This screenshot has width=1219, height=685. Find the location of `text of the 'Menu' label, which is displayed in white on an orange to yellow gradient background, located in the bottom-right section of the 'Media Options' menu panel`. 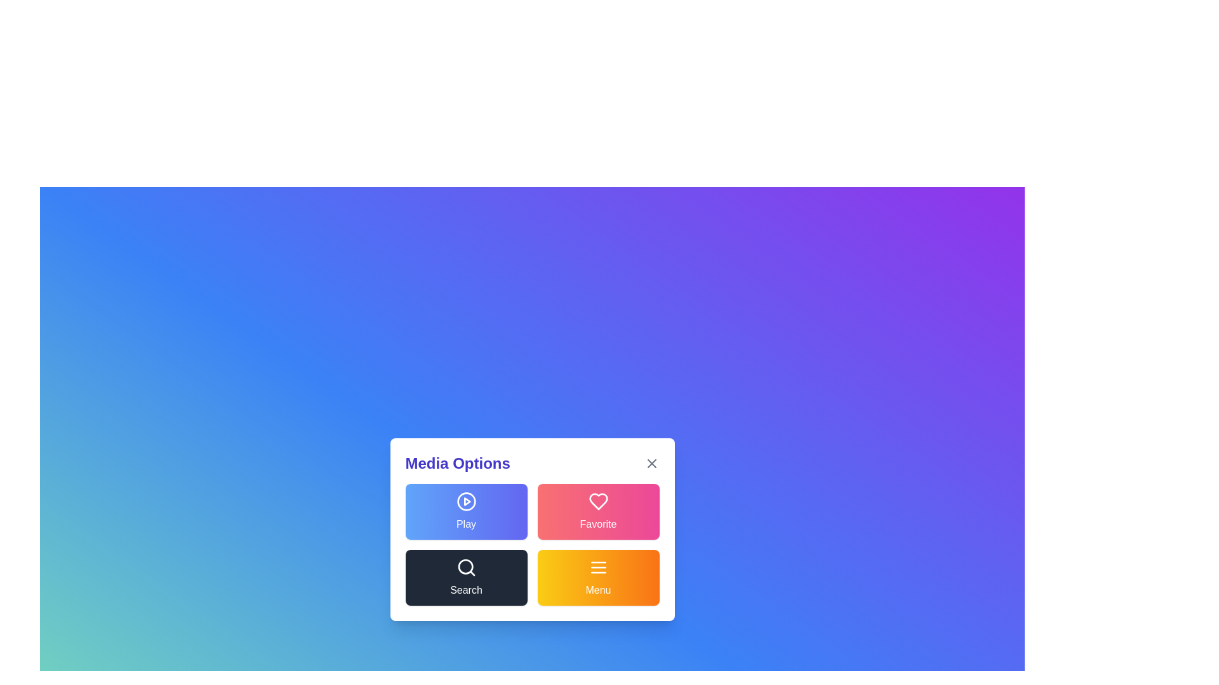

text of the 'Menu' label, which is displayed in white on an orange to yellow gradient background, located in the bottom-right section of the 'Media Options' menu panel is located at coordinates (597, 590).